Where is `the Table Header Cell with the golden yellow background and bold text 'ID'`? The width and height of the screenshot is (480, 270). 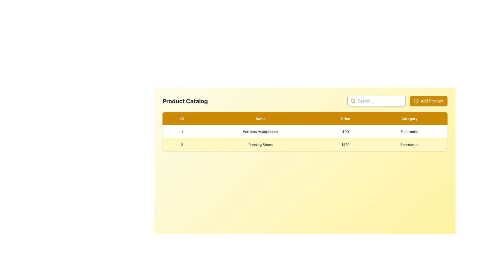
the Table Header Cell with the golden yellow background and bold text 'ID' is located at coordinates (182, 118).